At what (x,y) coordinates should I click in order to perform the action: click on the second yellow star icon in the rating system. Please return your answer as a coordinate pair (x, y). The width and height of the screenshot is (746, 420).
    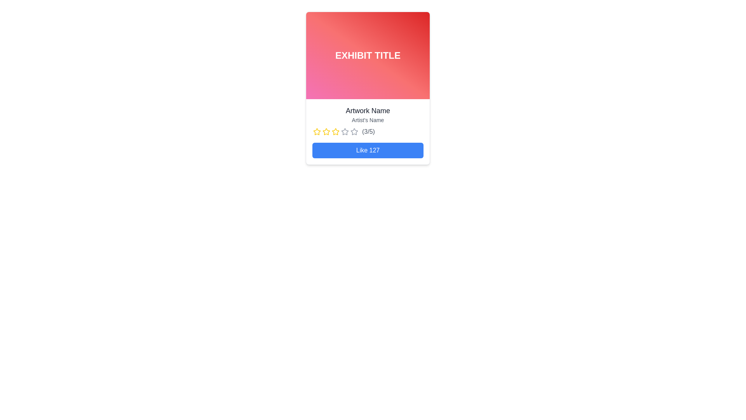
    Looking at the image, I should click on (326, 131).